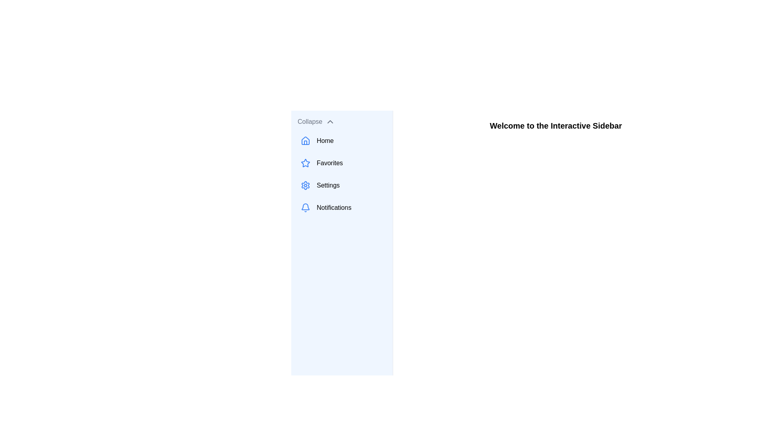 The image size is (764, 430). I want to click on the notification icon located in the sidebar's 'Notifications' section, to the left of the label 'Notifications', so click(305, 207).